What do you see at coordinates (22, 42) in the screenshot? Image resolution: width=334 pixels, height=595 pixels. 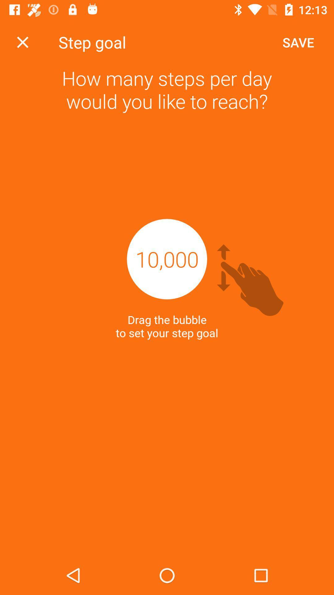 I see `screen` at bounding box center [22, 42].